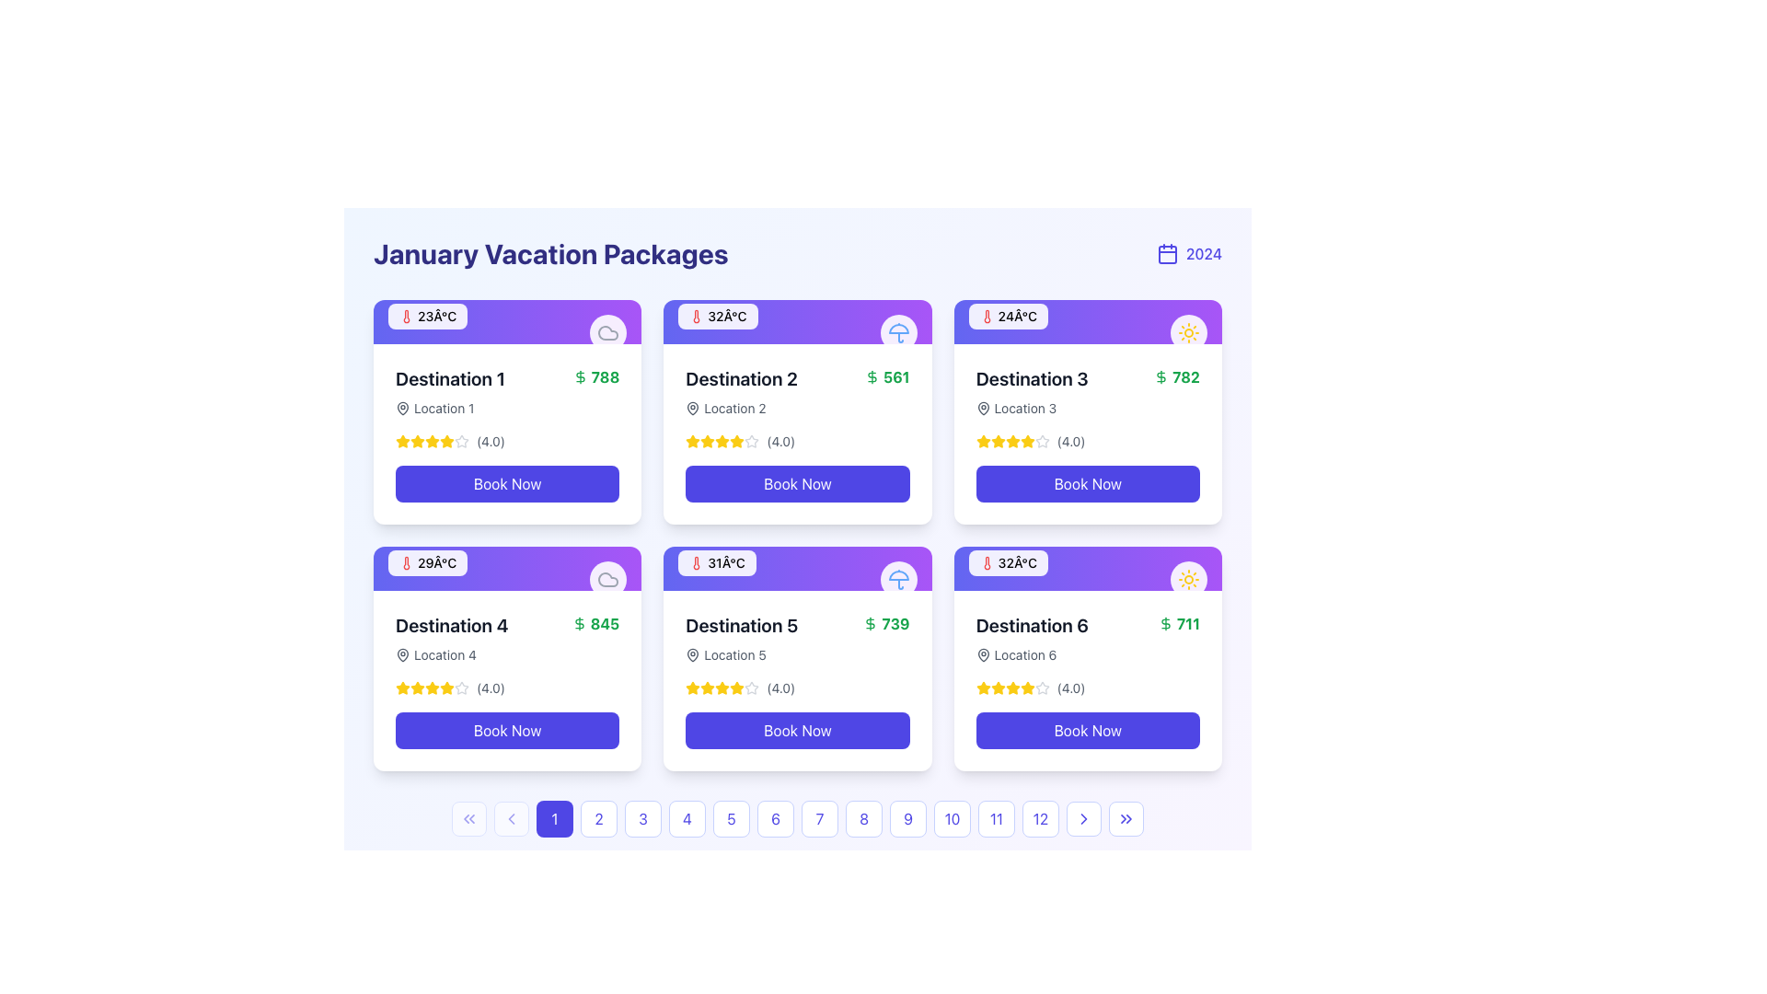 Image resolution: width=1767 pixels, height=994 pixels. What do you see at coordinates (1042, 688) in the screenshot?
I see `the fifth star icon in the star rating feature located beneath the heading 'Destination 6'` at bounding box center [1042, 688].